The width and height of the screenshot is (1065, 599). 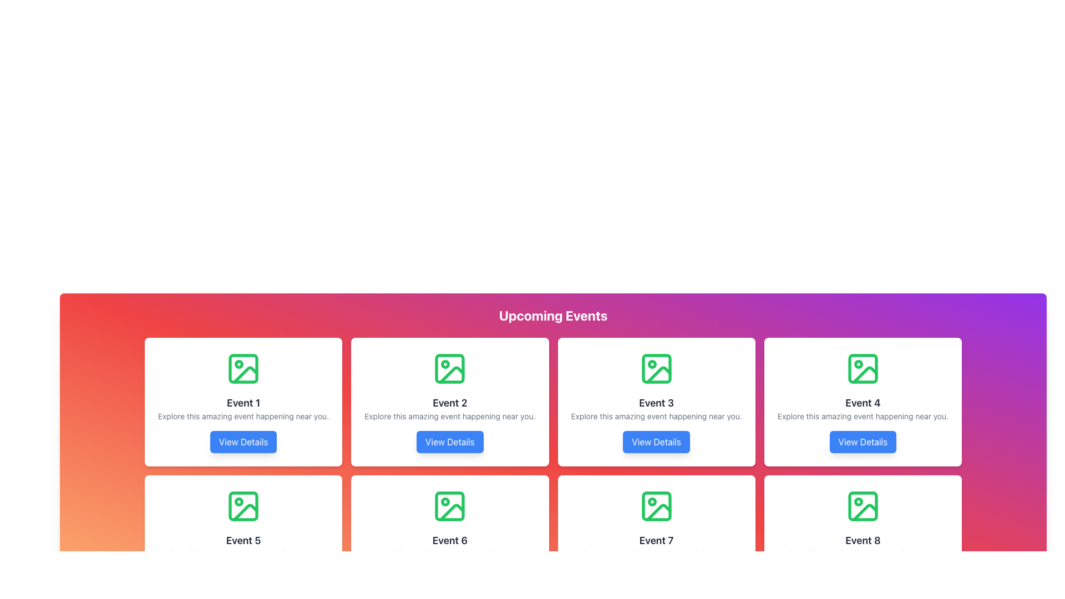 I want to click on the small rectangle with rounded corners that serves as a decorative visual element within the green-themed image icon of the event card labeled 'Event 2', so click(x=450, y=368).